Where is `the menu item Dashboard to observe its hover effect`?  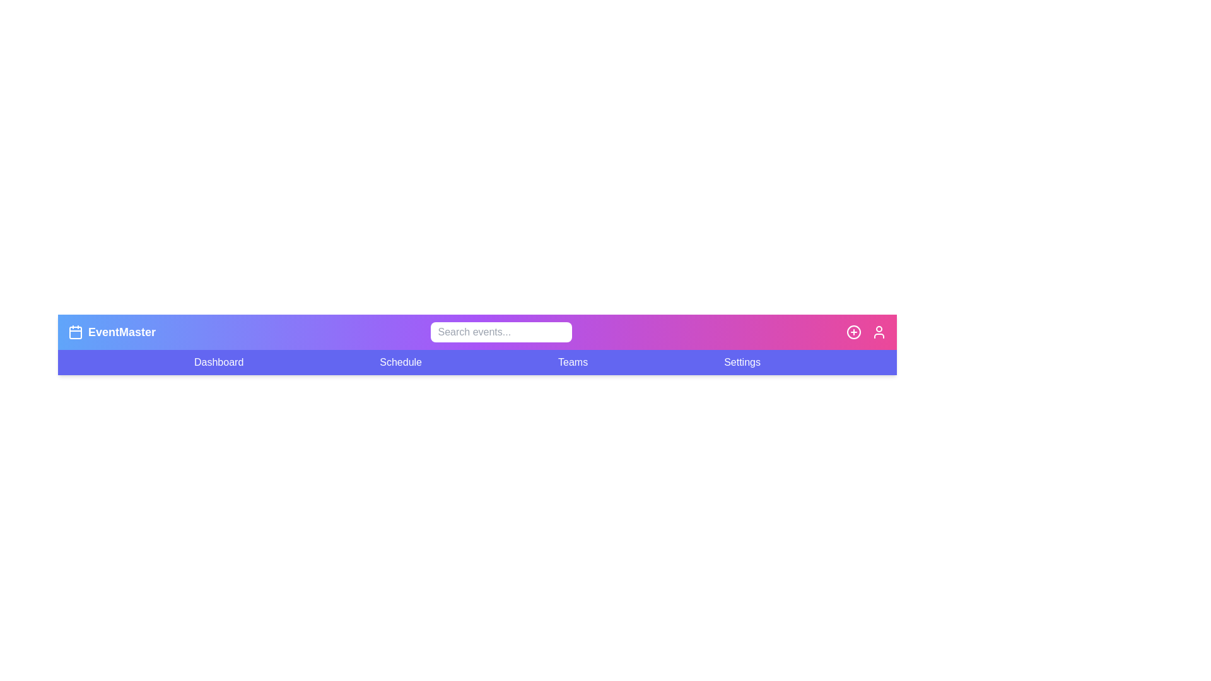
the menu item Dashboard to observe its hover effect is located at coordinates (218, 362).